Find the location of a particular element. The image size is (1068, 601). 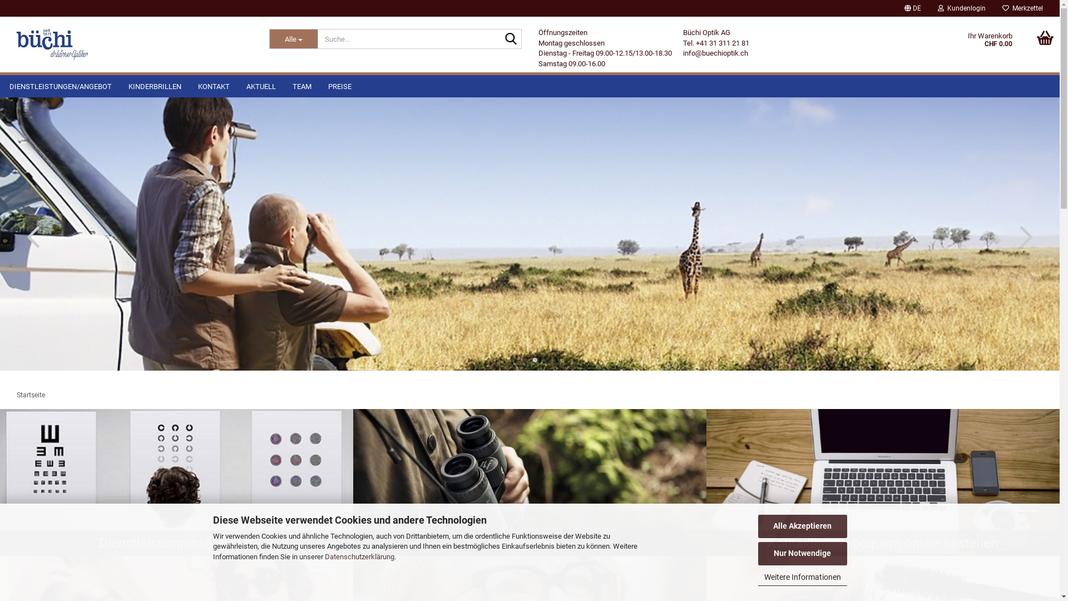

'Weitere Informationen' is located at coordinates (802, 577).